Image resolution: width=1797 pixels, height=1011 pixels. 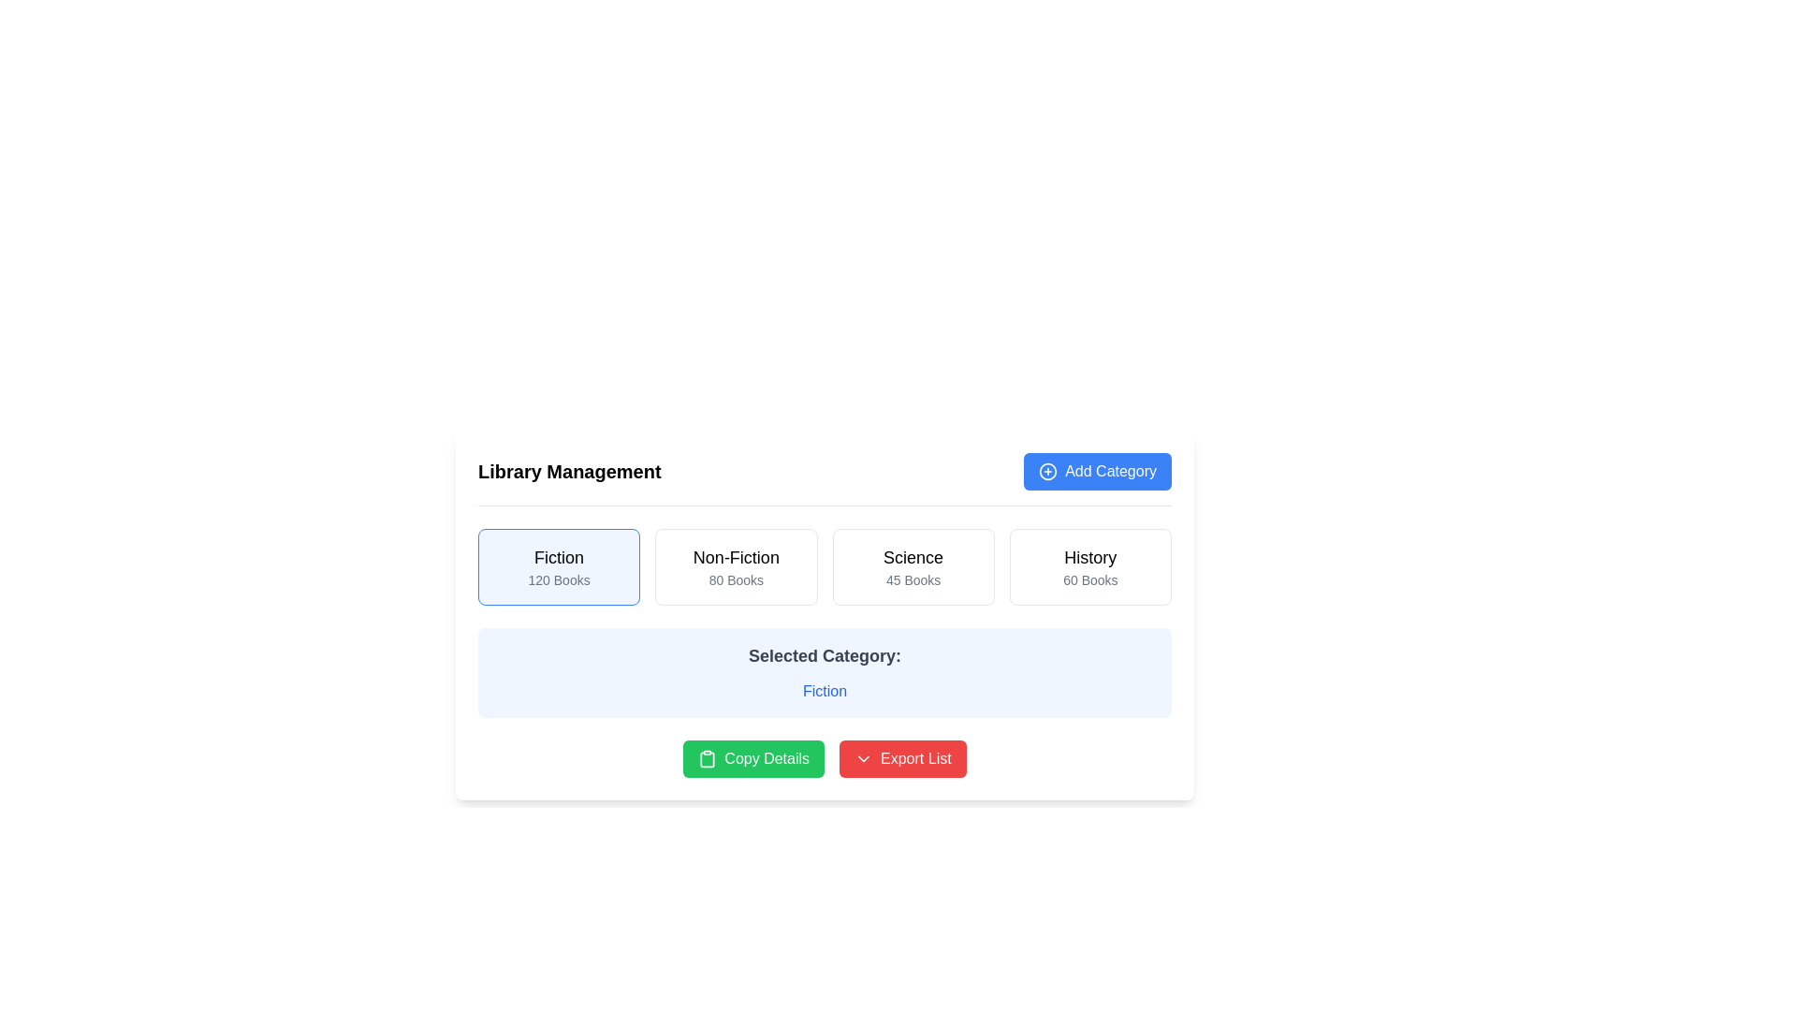 What do you see at coordinates (1090, 579) in the screenshot?
I see `the text label '60 Books' located below the 'History' title in the fourth category card, which is styled in gray and indicates a sub-description` at bounding box center [1090, 579].